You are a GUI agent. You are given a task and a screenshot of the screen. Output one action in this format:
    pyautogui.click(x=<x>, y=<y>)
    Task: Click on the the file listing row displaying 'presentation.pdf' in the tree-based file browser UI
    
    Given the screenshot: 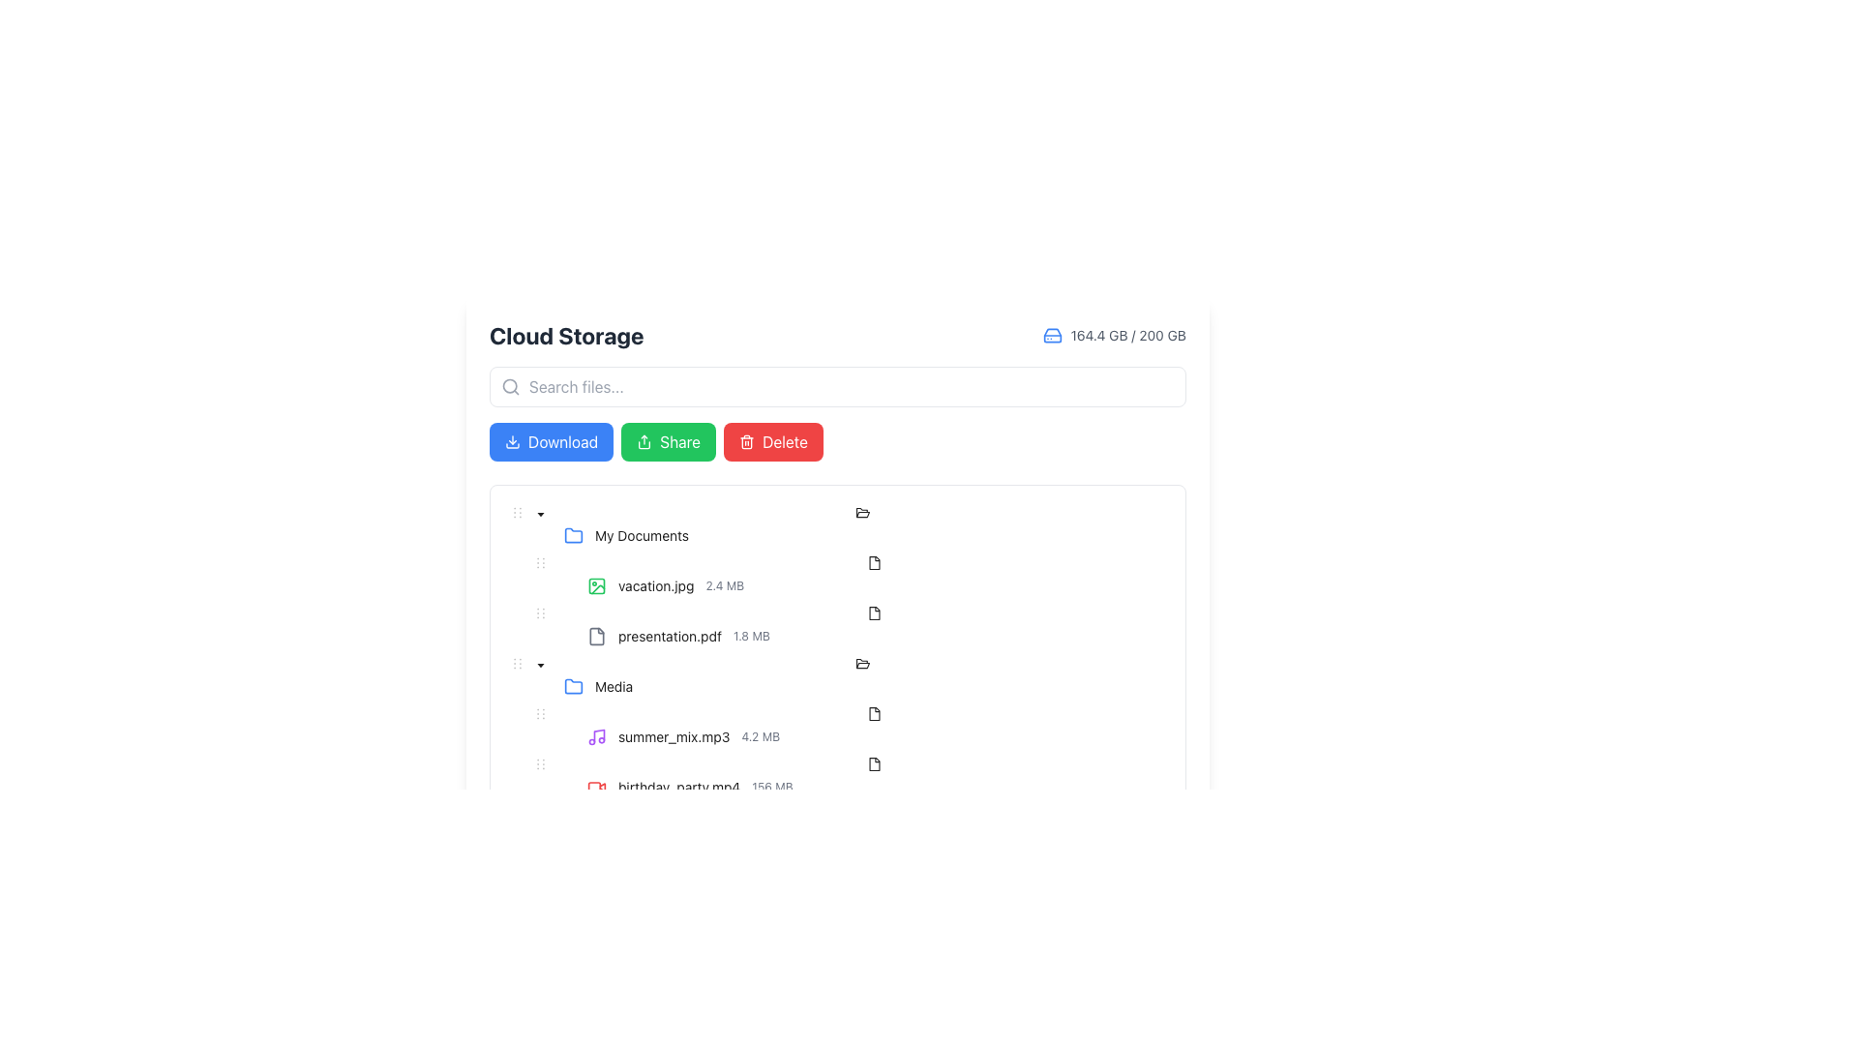 What is the action you would take?
    pyautogui.click(x=873, y=637)
    